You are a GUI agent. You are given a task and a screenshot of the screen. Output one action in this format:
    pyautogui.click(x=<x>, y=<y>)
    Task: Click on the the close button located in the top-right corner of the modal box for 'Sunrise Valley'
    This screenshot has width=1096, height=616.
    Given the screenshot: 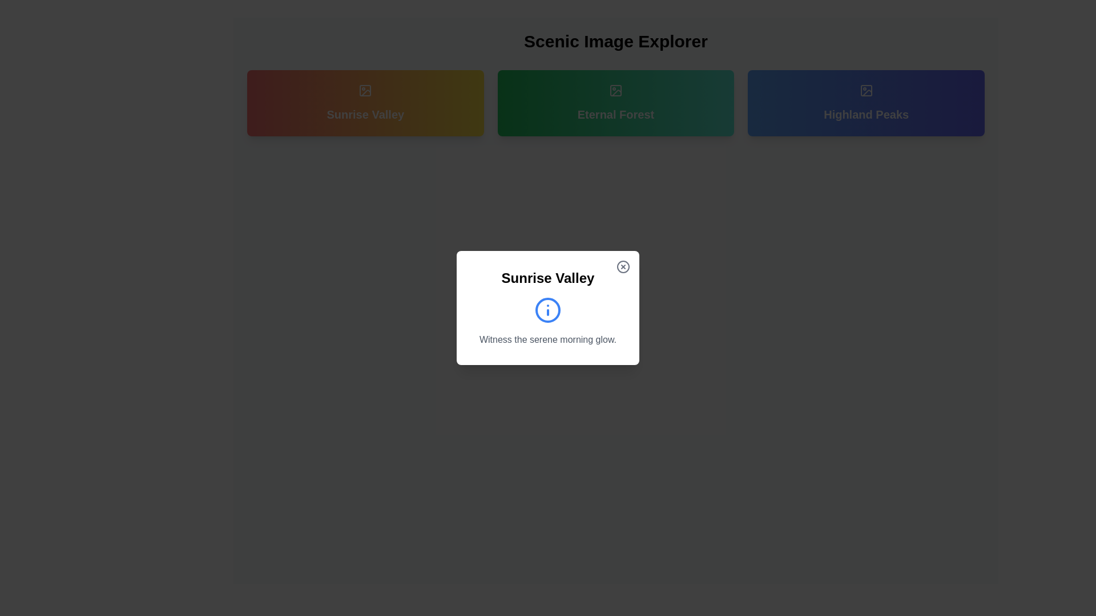 What is the action you would take?
    pyautogui.click(x=622, y=266)
    